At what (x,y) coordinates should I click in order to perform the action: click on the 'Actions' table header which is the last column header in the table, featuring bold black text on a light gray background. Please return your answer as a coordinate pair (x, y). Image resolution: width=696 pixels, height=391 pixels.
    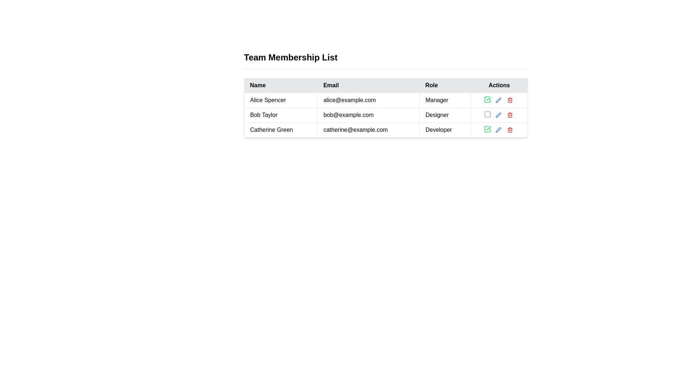
    Looking at the image, I should click on (499, 85).